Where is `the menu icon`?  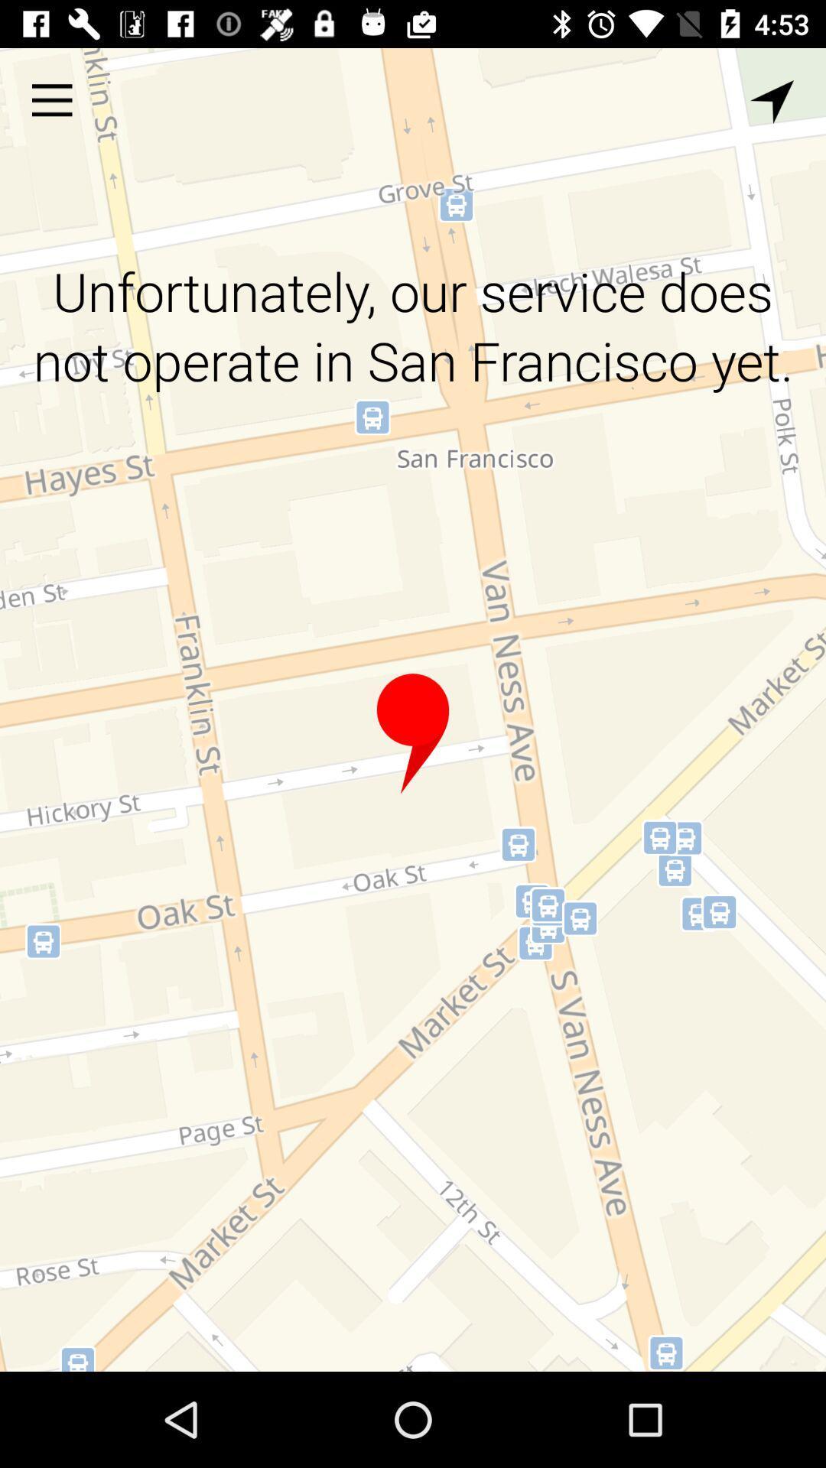 the menu icon is located at coordinates (51, 99).